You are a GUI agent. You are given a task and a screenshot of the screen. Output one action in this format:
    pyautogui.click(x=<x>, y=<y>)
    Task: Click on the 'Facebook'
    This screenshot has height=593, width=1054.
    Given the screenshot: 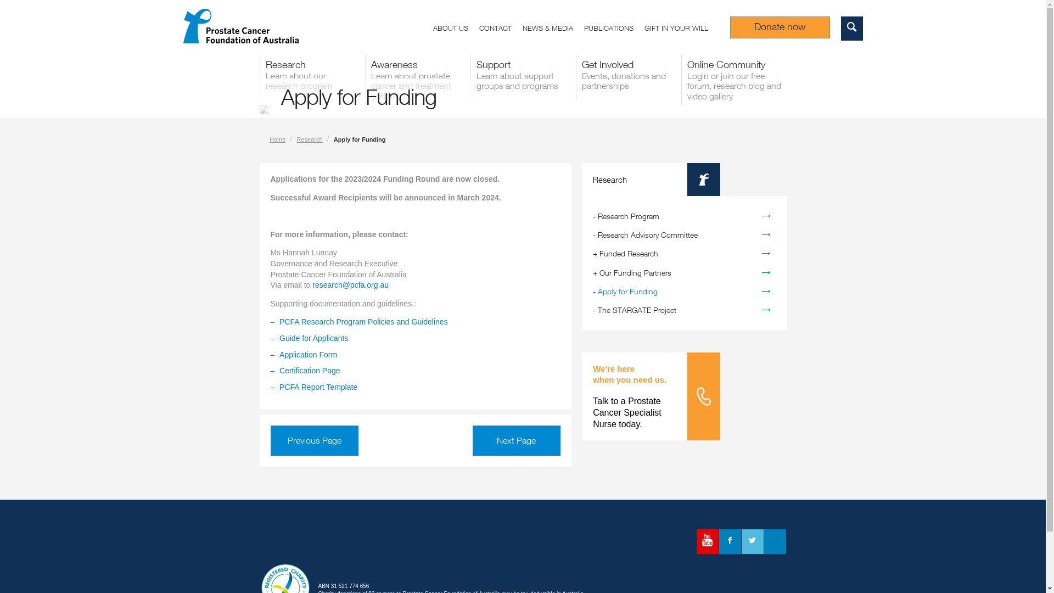 What is the action you would take?
    pyautogui.click(x=730, y=541)
    